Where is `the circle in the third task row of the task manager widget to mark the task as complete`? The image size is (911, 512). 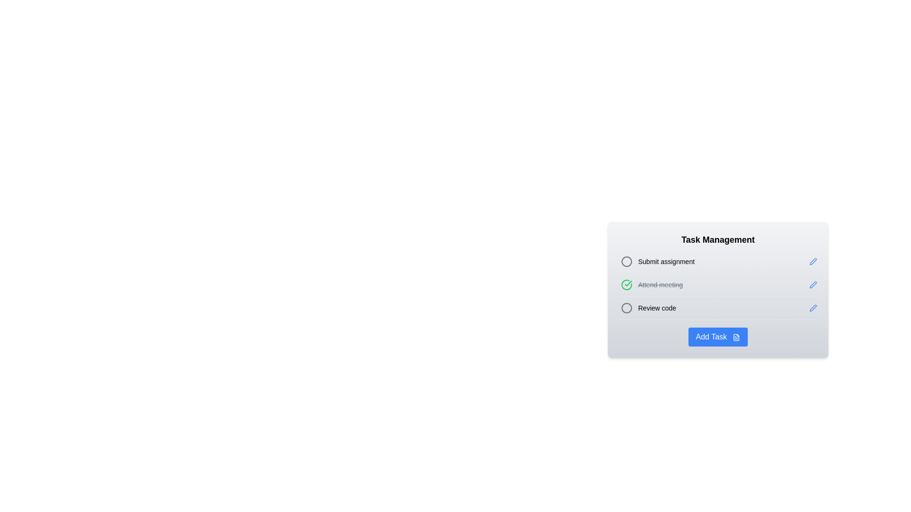 the circle in the third task row of the task manager widget to mark the task as complete is located at coordinates (718, 310).